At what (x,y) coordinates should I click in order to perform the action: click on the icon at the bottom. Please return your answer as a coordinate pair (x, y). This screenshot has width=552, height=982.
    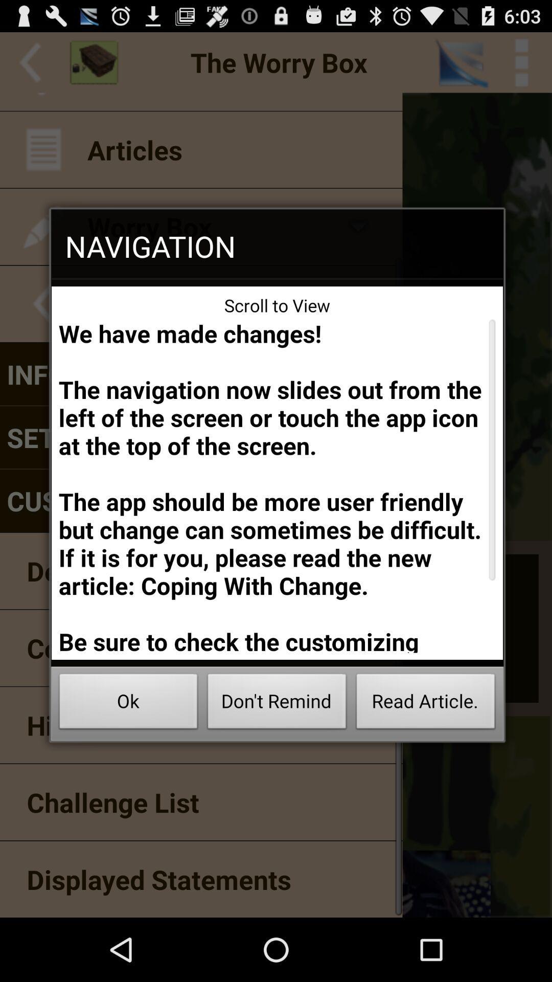
    Looking at the image, I should click on (277, 704).